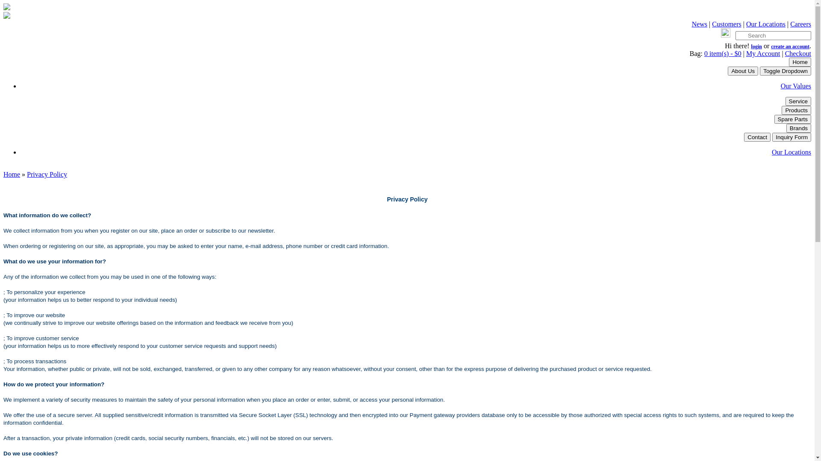 This screenshot has height=461, width=821. What do you see at coordinates (700, 23) in the screenshot?
I see `'News'` at bounding box center [700, 23].